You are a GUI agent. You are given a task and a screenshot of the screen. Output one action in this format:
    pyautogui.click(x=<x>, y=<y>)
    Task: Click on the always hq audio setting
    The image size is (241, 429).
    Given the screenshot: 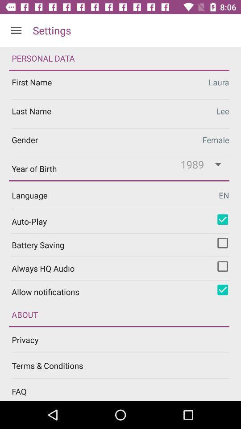 What is the action you would take?
    pyautogui.click(x=222, y=266)
    